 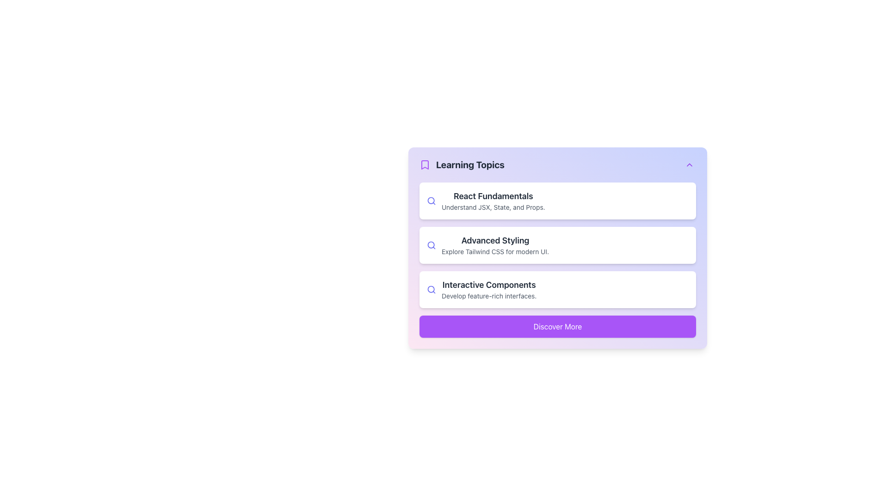 What do you see at coordinates (424, 164) in the screenshot?
I see `the purple bookmark icon located to the left of the 'Learning Topics' text, which has a rounded rectangular shape and a triangular notch at the bottom` at bounding box center [424, 164].